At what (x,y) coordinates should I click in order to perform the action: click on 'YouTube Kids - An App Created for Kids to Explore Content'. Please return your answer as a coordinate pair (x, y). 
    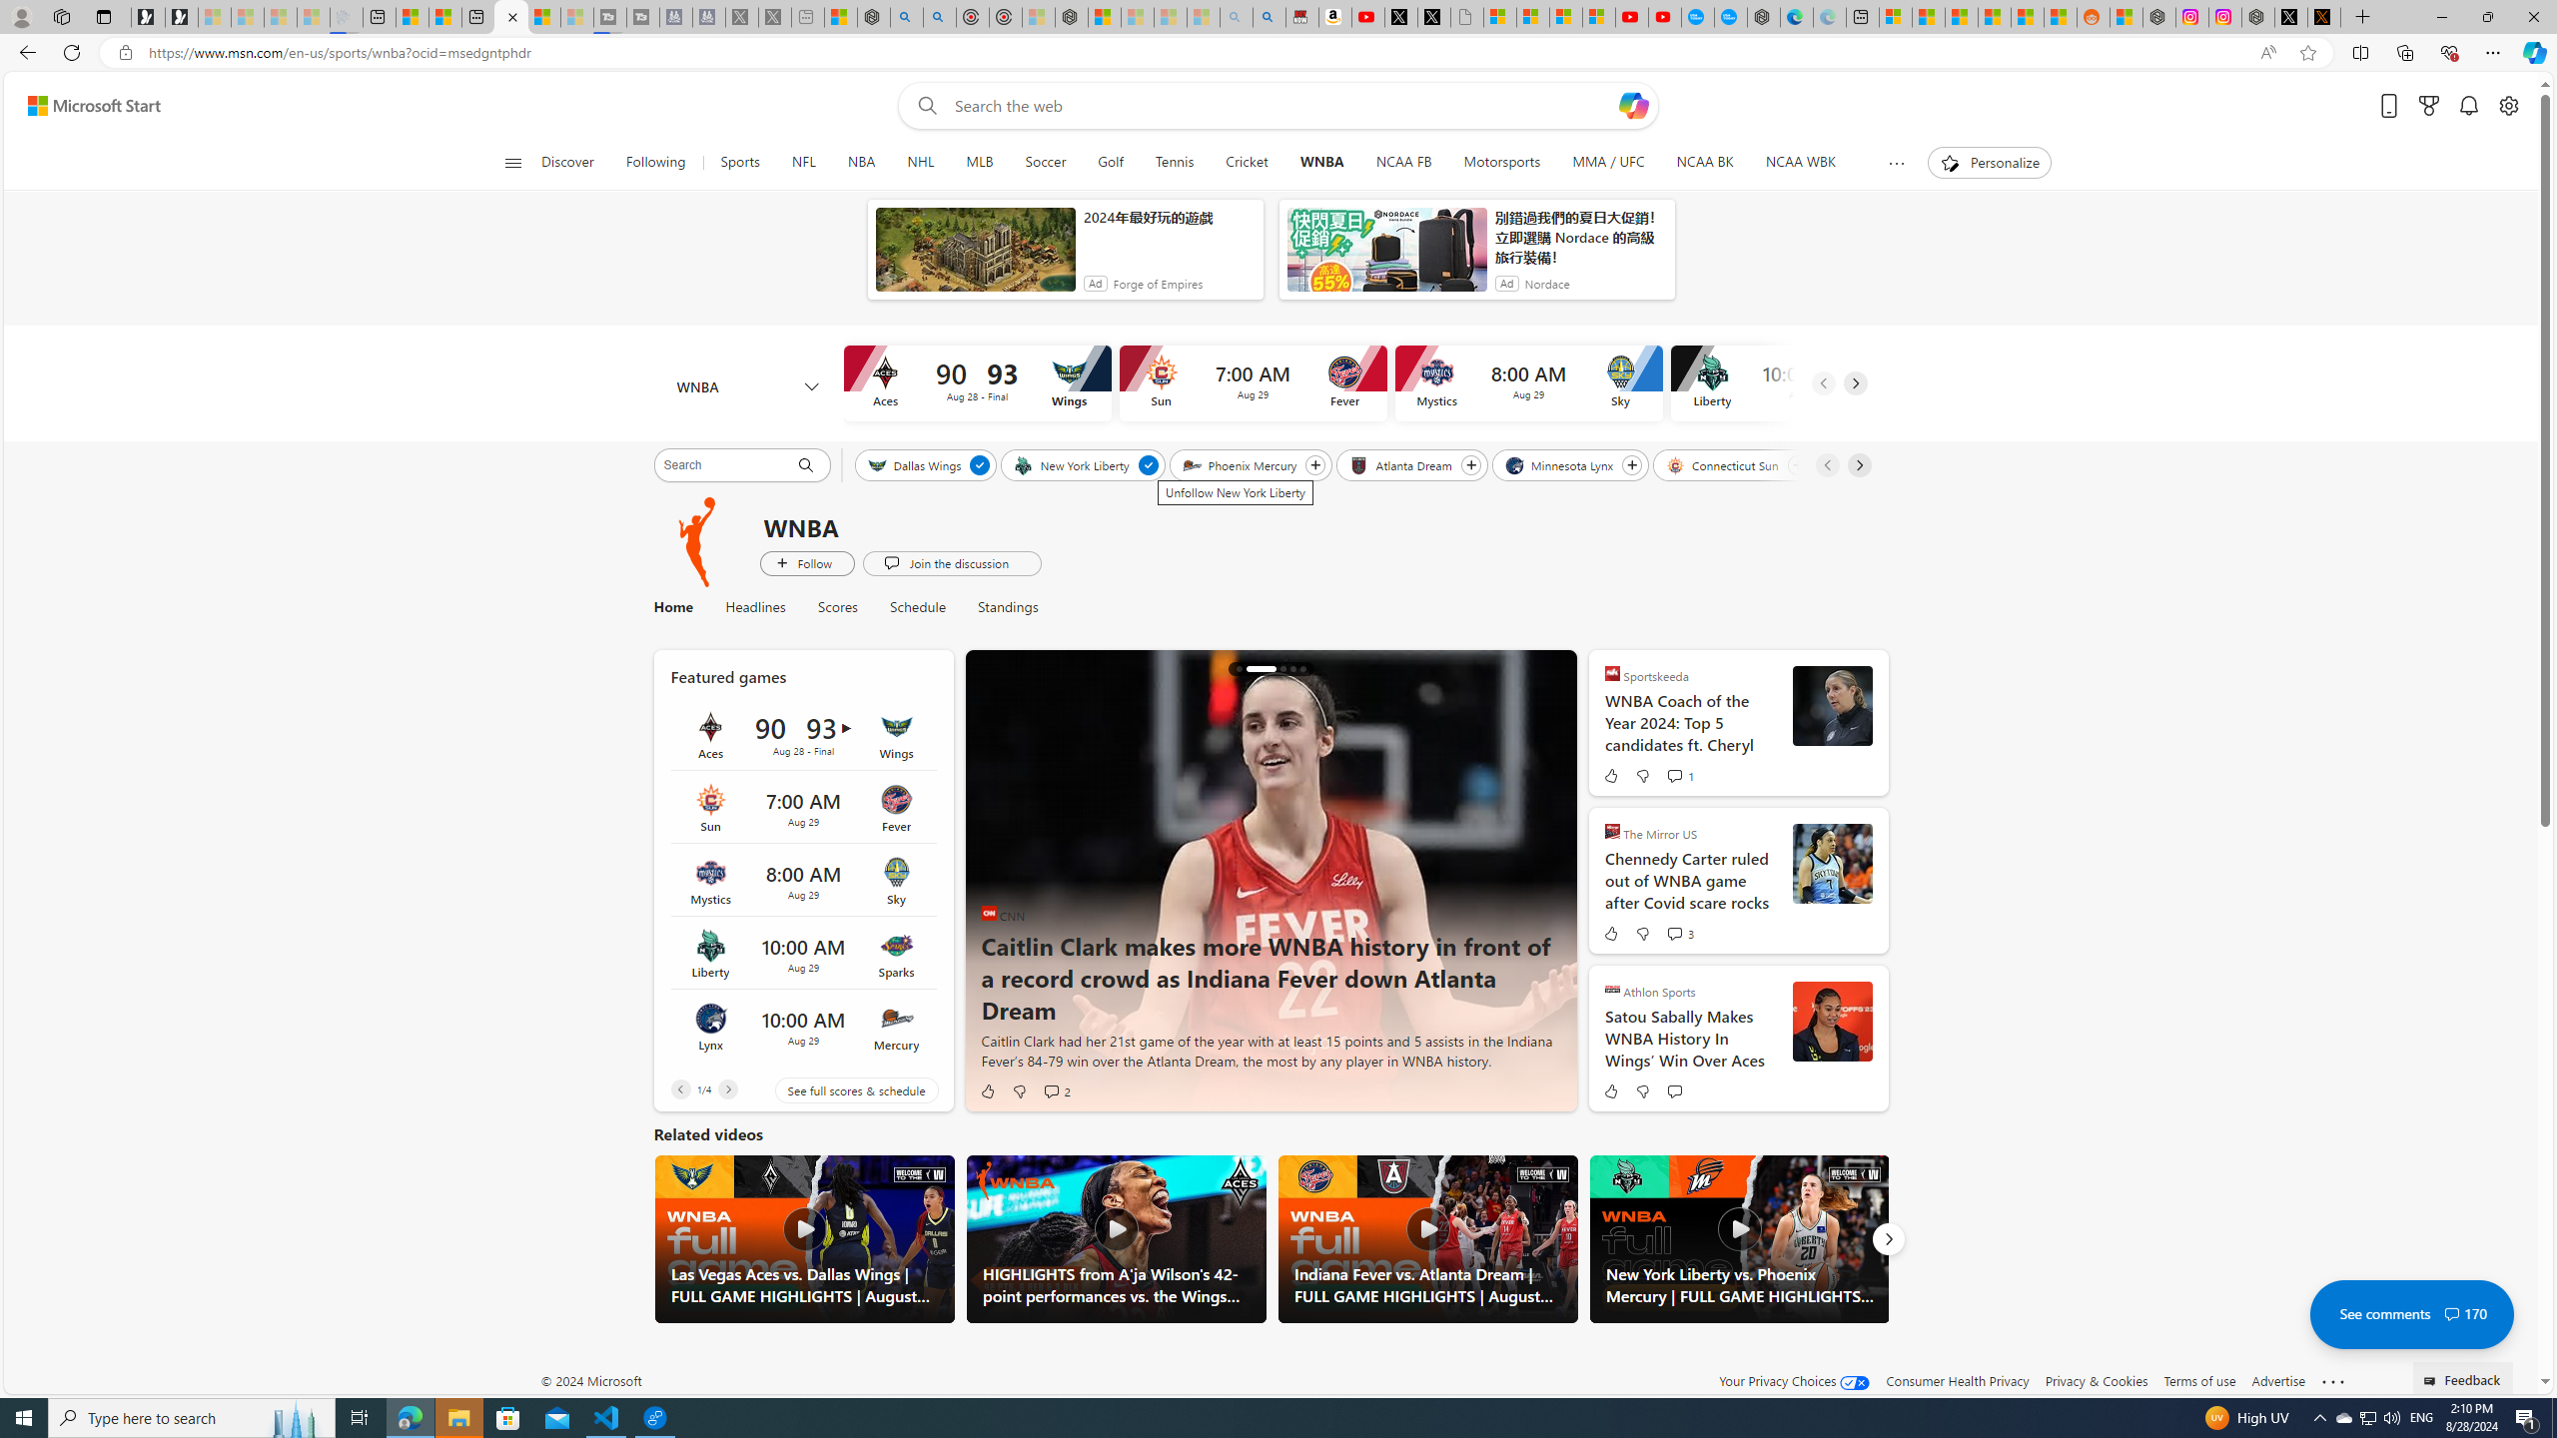
    Looking at the image, I should click on (1664, 16).